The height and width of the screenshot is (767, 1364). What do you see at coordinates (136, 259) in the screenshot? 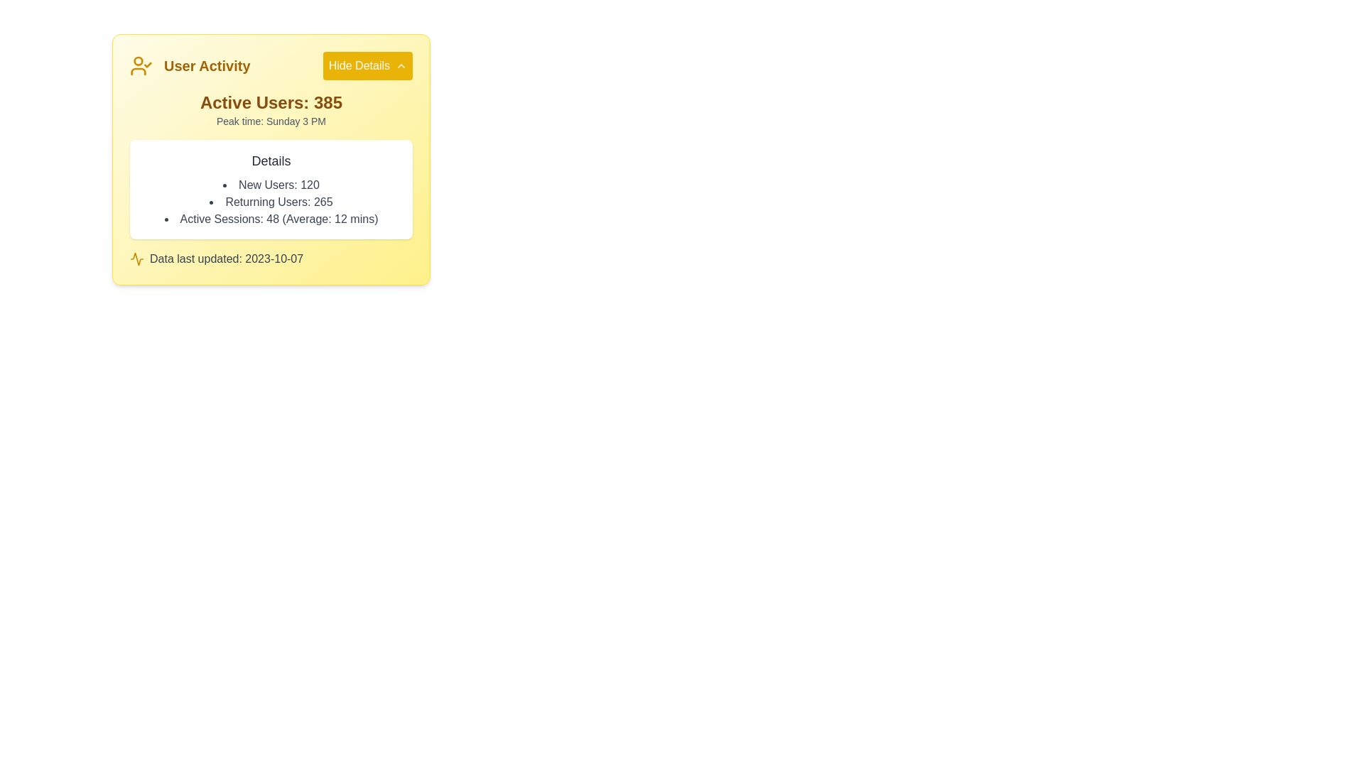
I see `the yellow graph-like activity icon, which is located to the left of the text 'Data last updated: 2023-10-07'` at bounding box center [136, 259].